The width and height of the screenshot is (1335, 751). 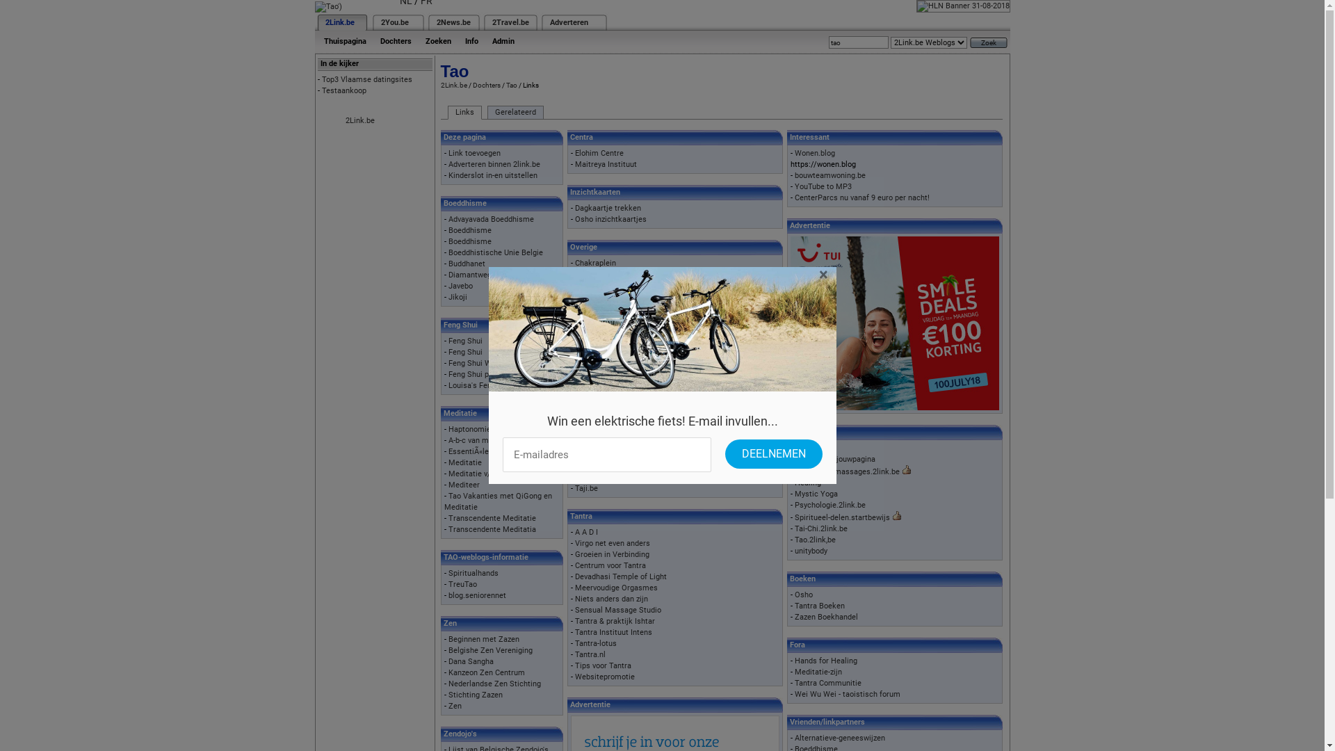 What do you see at coordinates (574, 609) in the screenshot?
I see `'Sensual Massage Studio'` at bounding box center [574, 609].